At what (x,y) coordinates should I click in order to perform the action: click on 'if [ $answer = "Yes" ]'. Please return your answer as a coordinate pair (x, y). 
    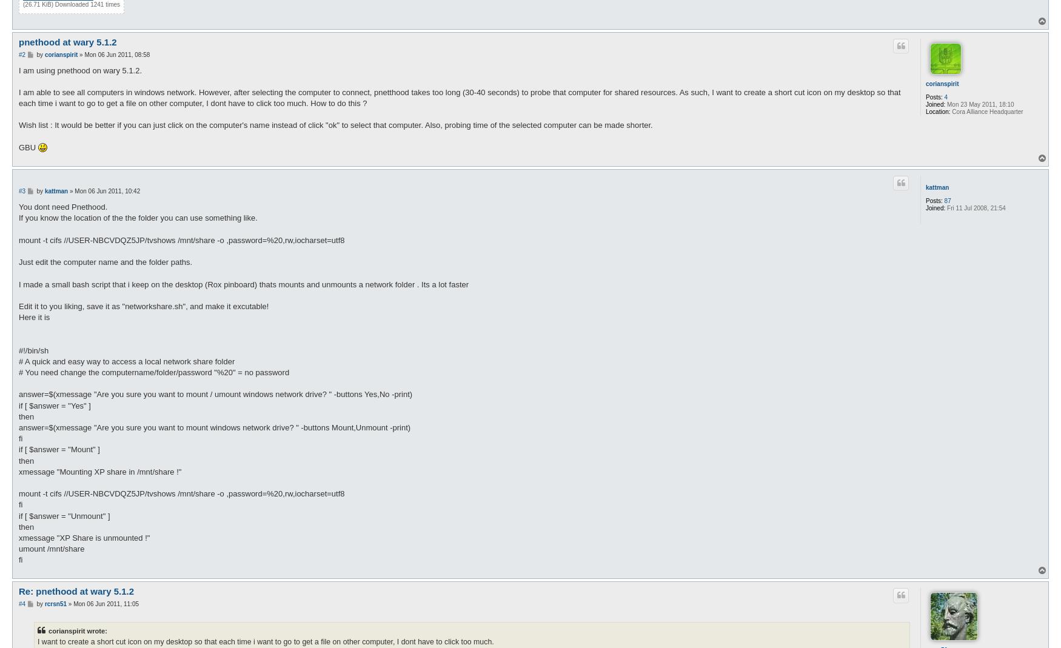
    Looking at the image, I should click on (54, 404).